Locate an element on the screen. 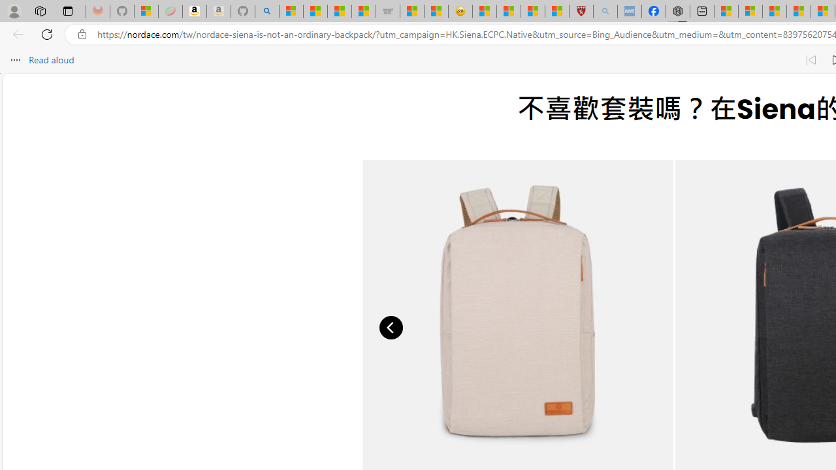 The image size is (836, 470). 'Combat Siege' is located at coordinates (387, 11).